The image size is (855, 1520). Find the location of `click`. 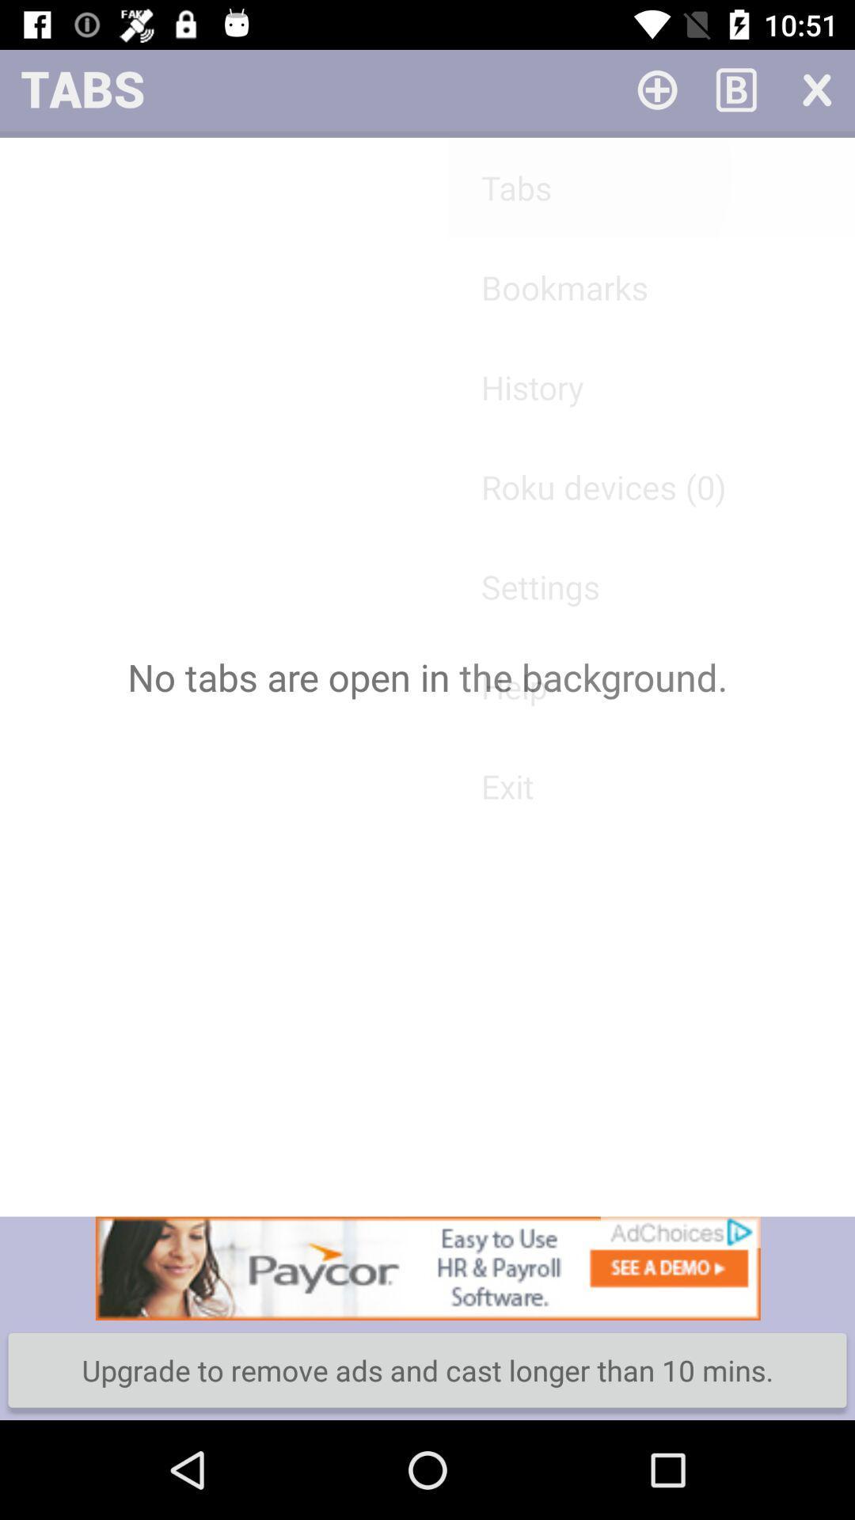

click is located at coordinates (427, 1268).